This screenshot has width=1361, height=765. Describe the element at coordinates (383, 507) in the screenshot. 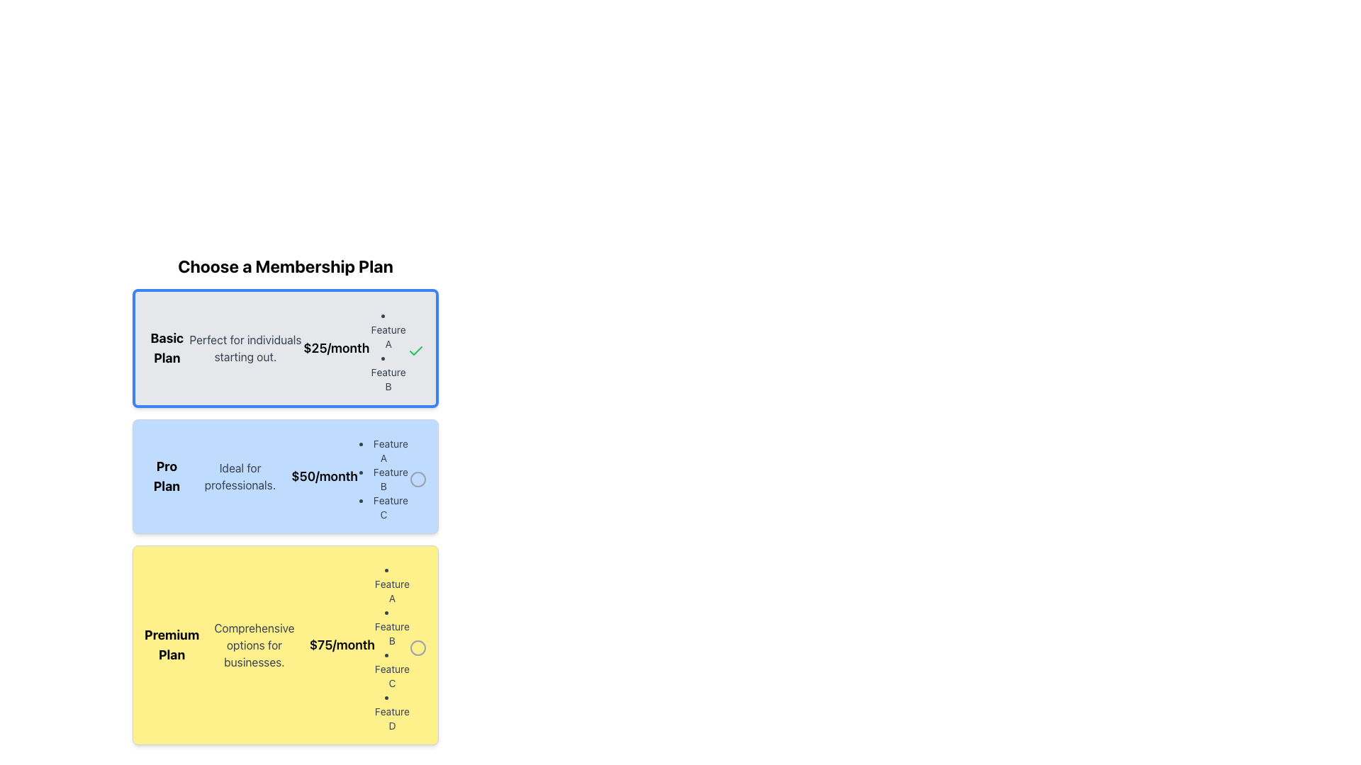

I see `the text element labeled 'Feature C', which is the third item in a bulleted list under the 'Pro Plan' section` at that location.